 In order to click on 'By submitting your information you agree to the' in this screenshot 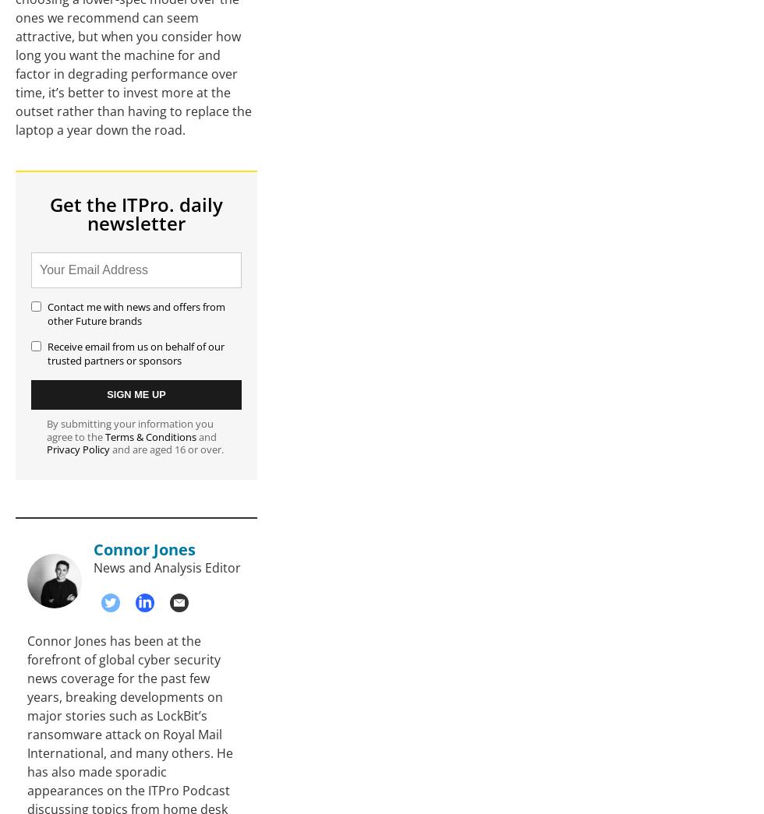, I will do `click(129, 429)`.